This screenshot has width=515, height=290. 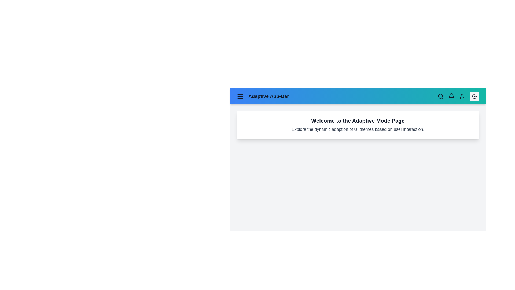 I want to click on the button with the moon icon to toggle the theme, so click(x=474, y=96).